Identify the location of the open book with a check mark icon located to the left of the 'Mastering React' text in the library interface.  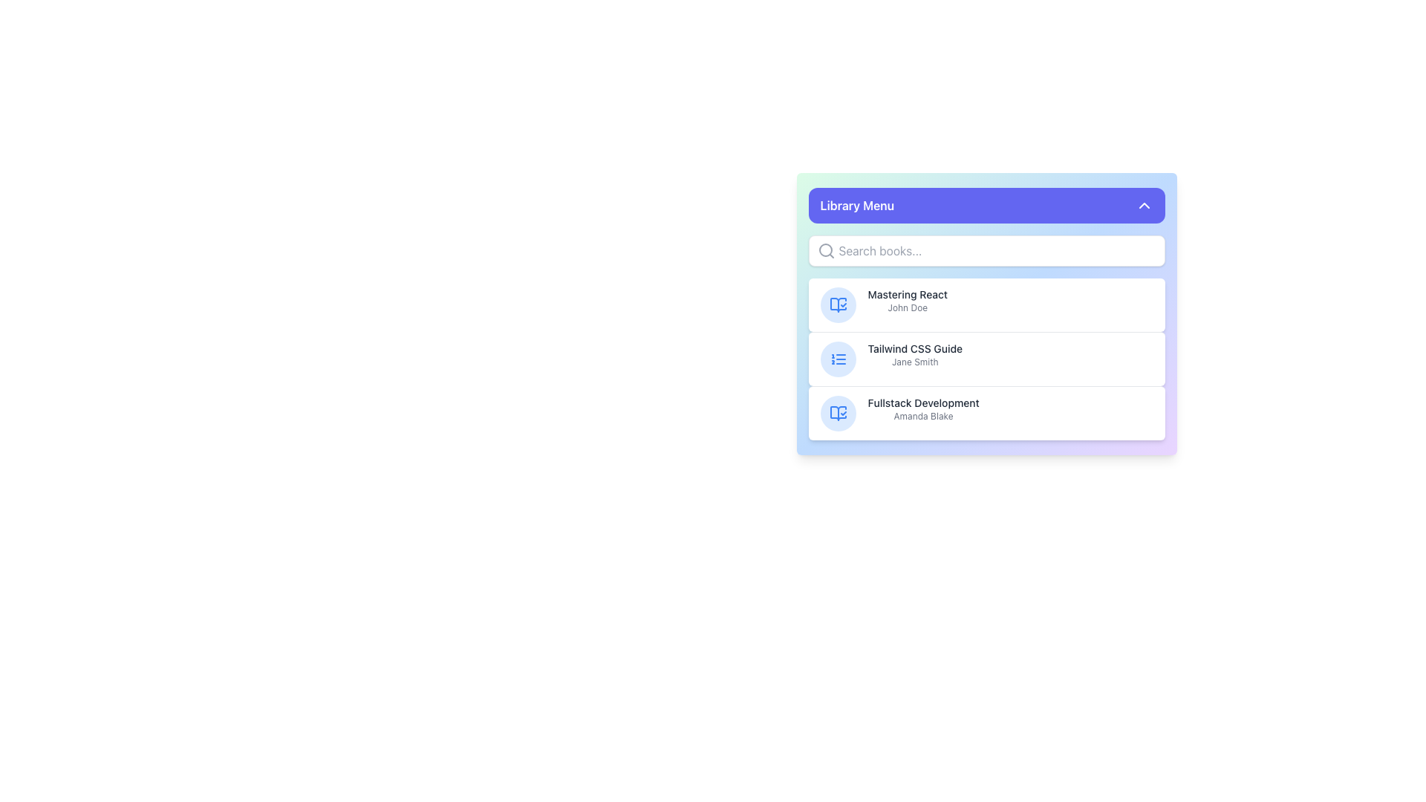
(838, 413).